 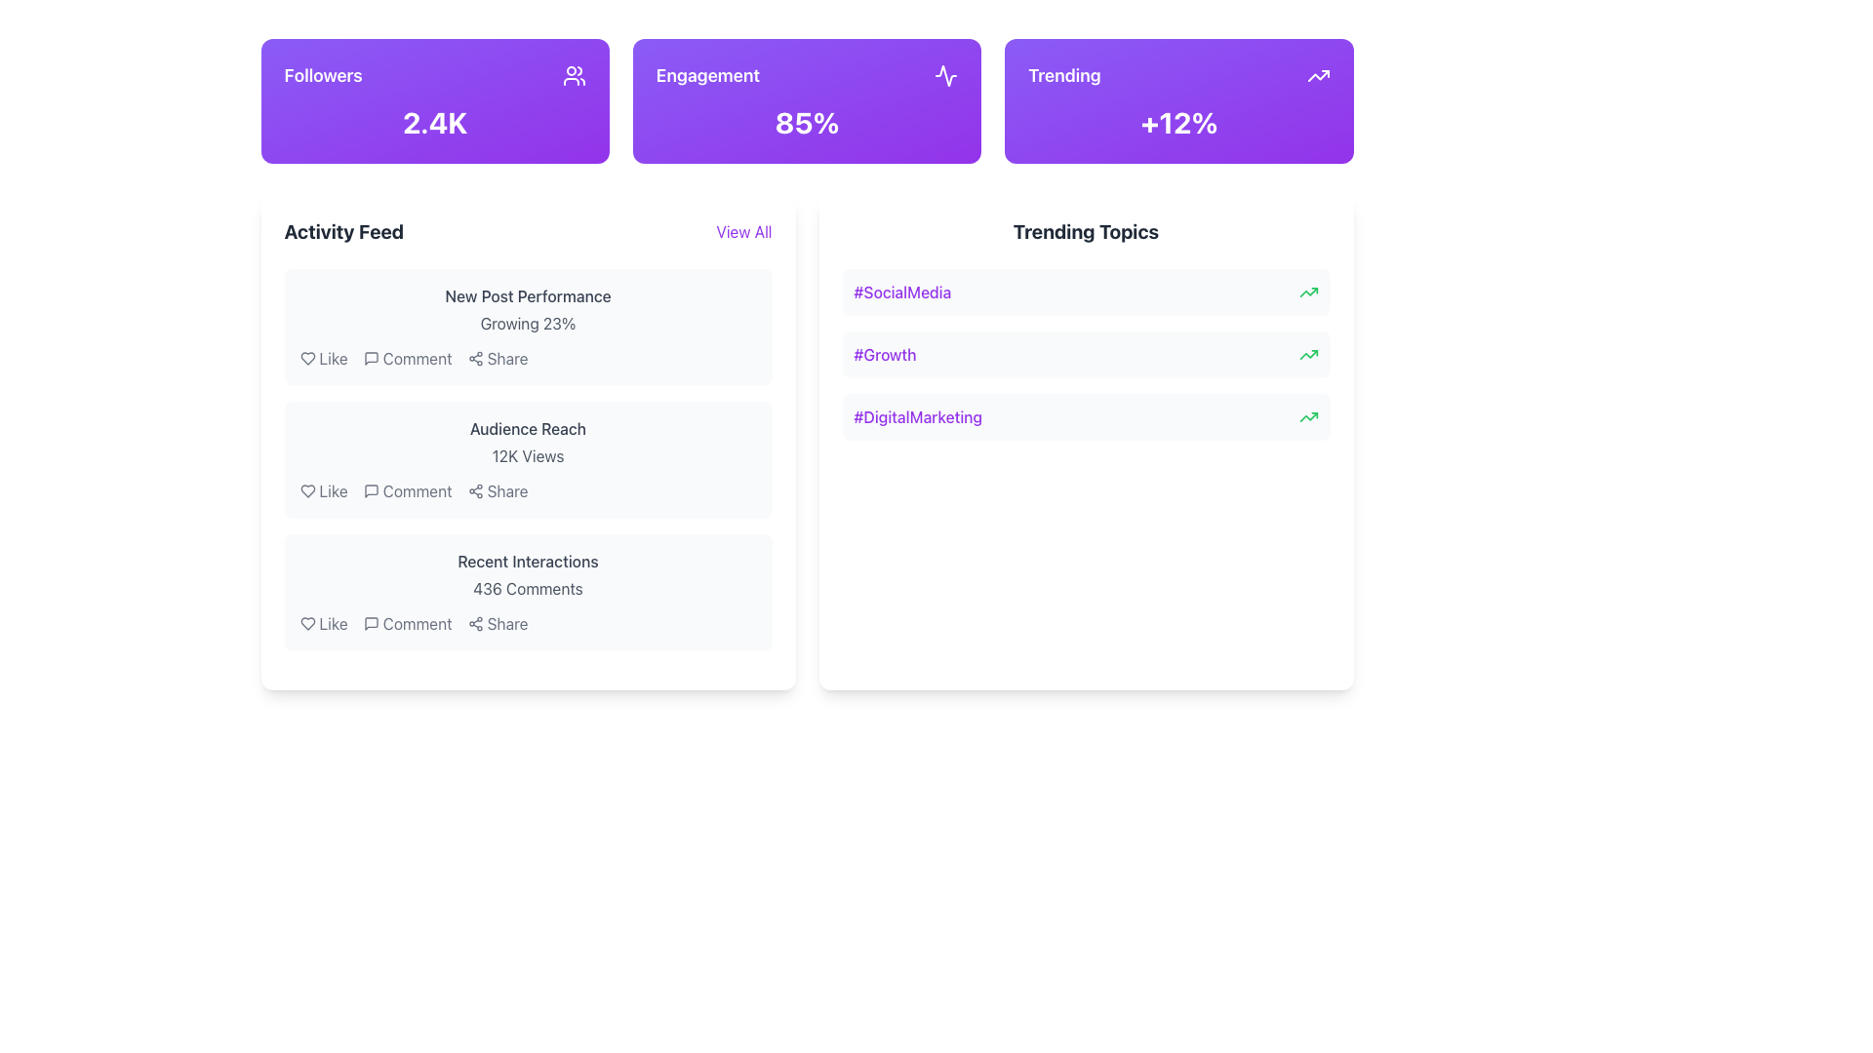 What do you see at coordinates (306, 358) in the screenshot?
I see `the heart icon representing the 'Like' functionality located in the 'Activity Feed' section, adjacent to the text 'Like'` at bounding box center [306, 358].